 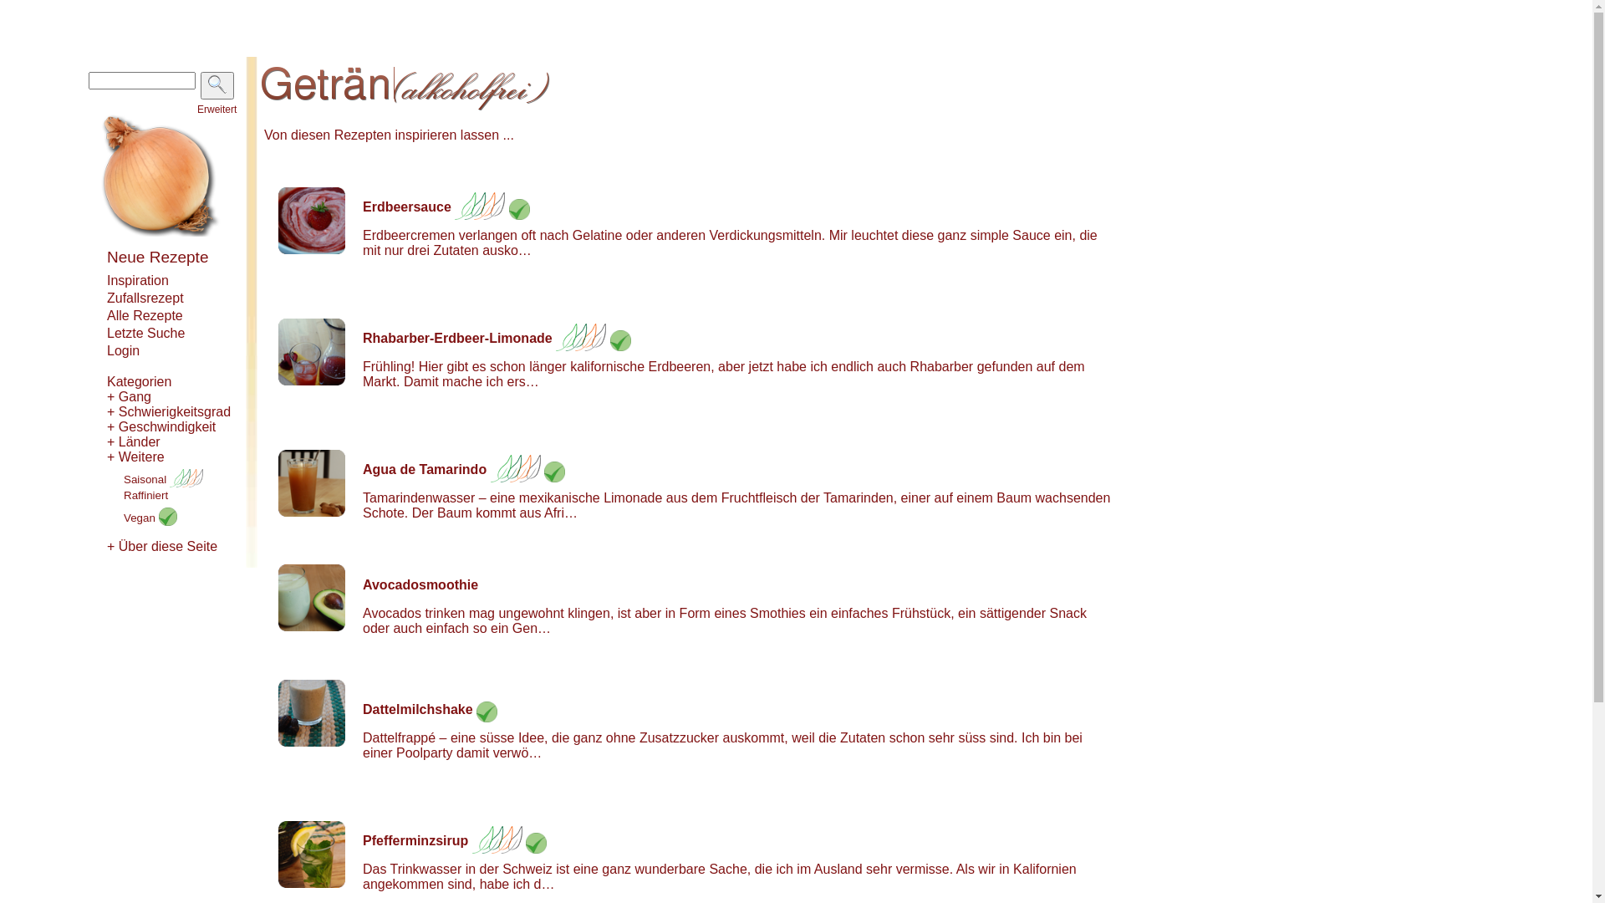 What do you see at coordinates (145, 333) in the screenshot?
I see `'Letzte Suche'` at bounding box center [145, 333].